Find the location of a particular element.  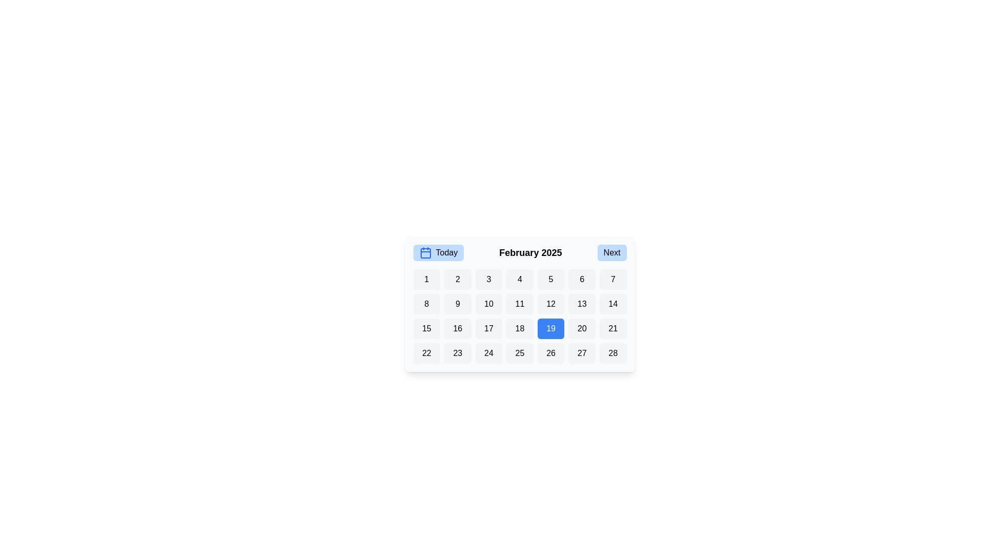

the 'Next' button to navigate to the next month is located at coordinates (612, 253).